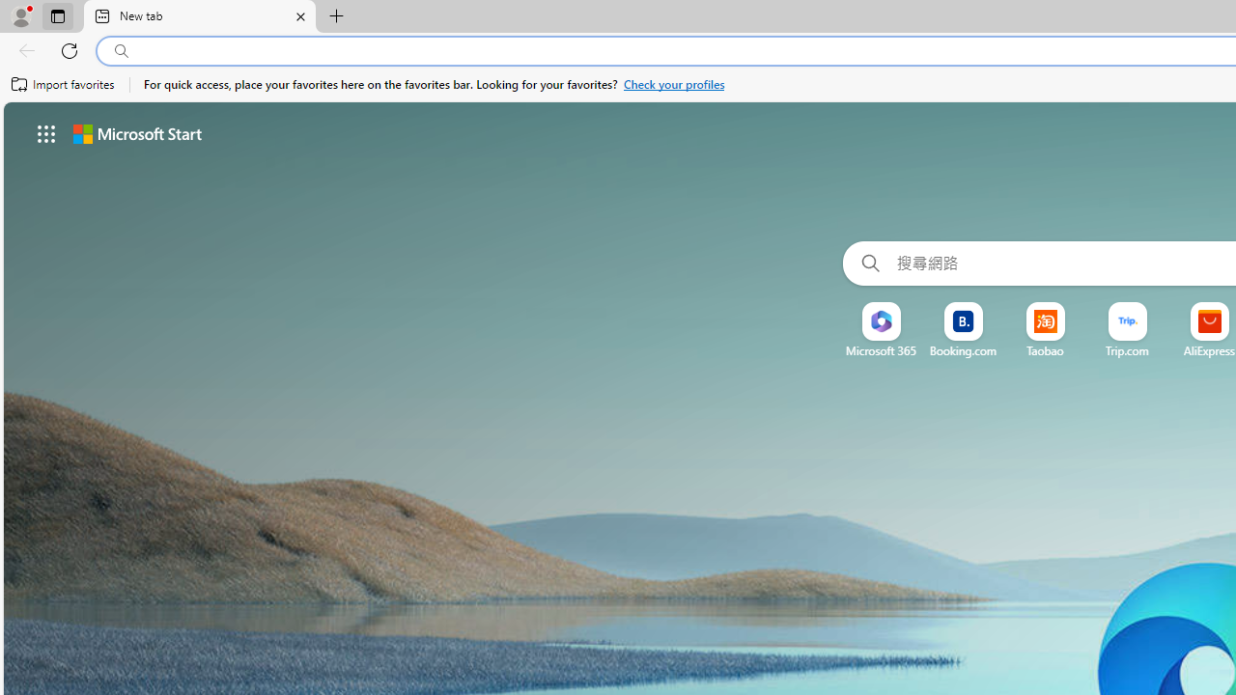 The width and height of the screenshot is (1236, 695). I want to click on 'Search icon', so click(121, 50).